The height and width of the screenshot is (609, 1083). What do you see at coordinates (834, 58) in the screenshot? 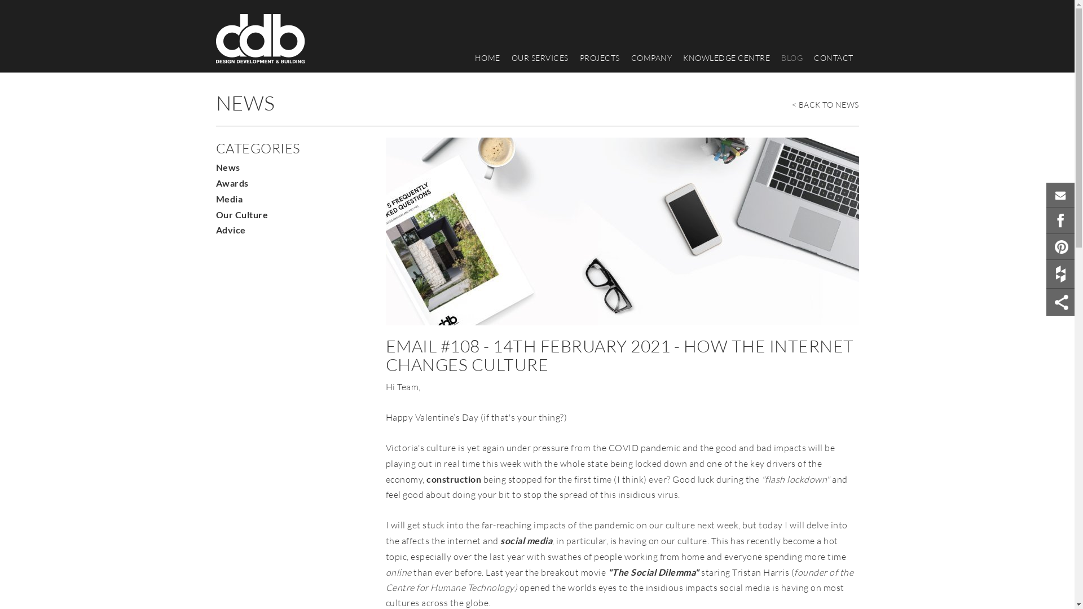
I see `'CONTACT'` at bounding box center [834, 58].